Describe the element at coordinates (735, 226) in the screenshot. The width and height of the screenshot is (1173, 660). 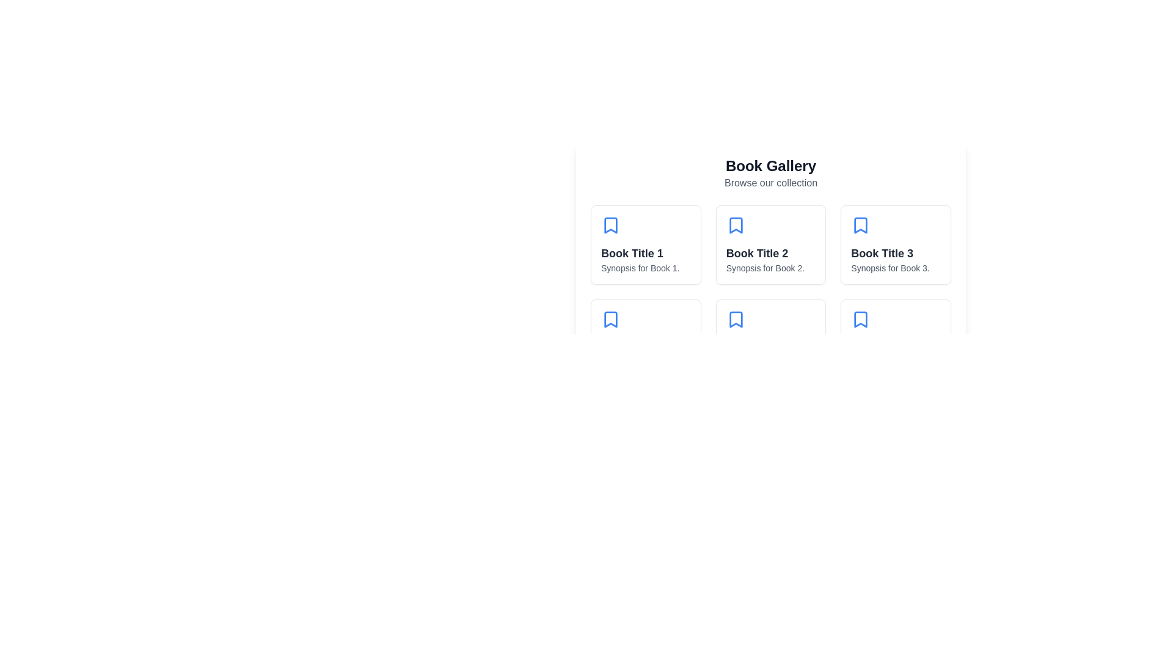
I see `the bookmark-shaped icon representing the 'Book Title 2' card, located in the upper-middle section of the grid layout` at that location.